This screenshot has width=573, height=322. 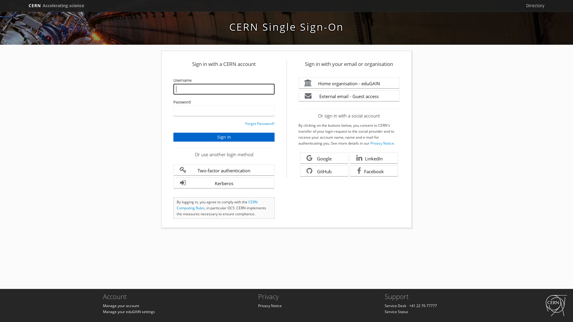 I want to click on 'Home organisation - eduGAIN', so click(x=349, y=83).